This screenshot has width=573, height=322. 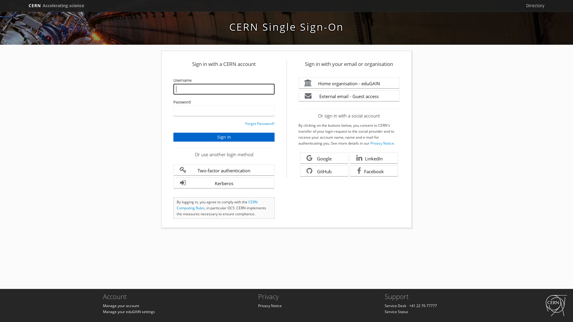 I want to click on 'Home organisation - eduGAIN', so click(x=349, y=83).